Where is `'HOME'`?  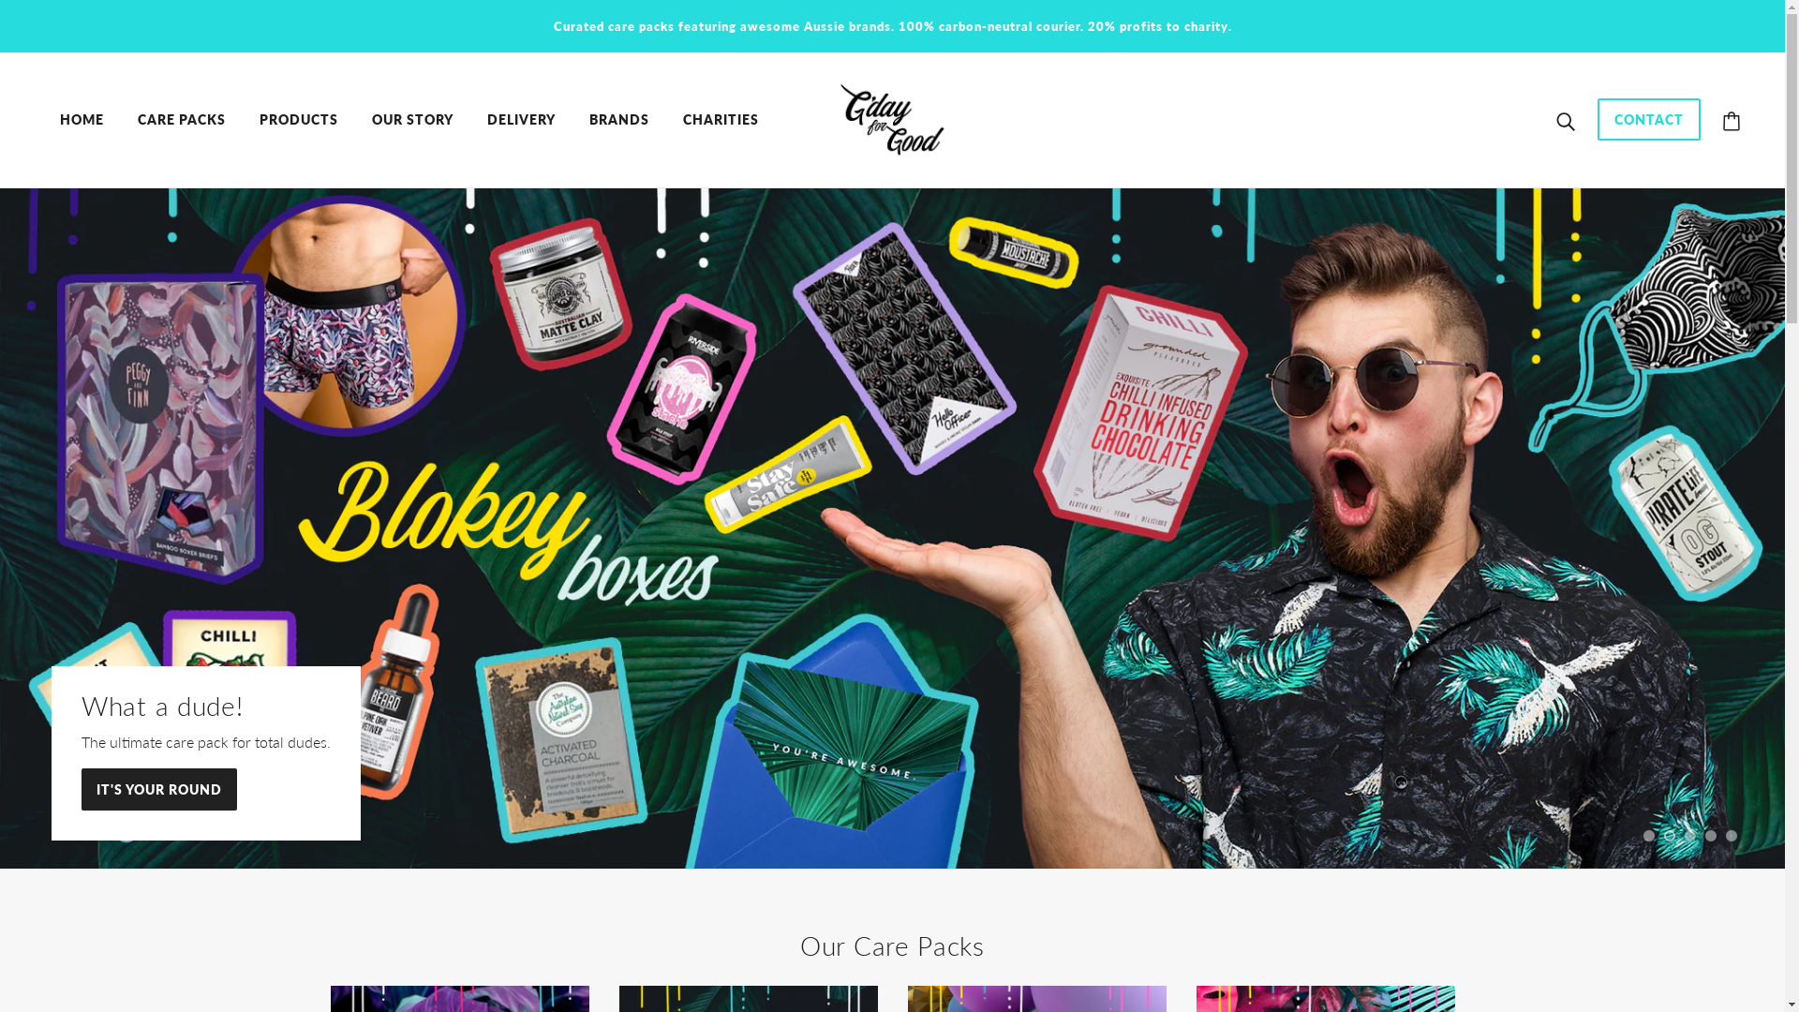
'HOME' is located at coordinates (81, 119).